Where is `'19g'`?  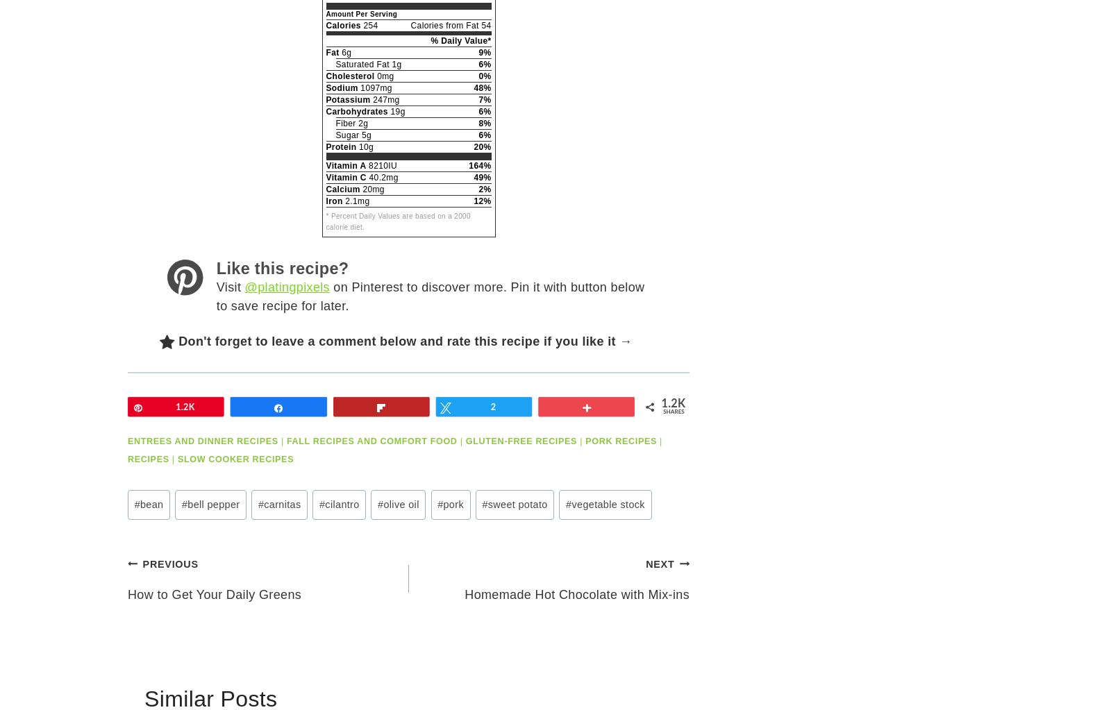 '19g' is located at coordinates (395, 112).